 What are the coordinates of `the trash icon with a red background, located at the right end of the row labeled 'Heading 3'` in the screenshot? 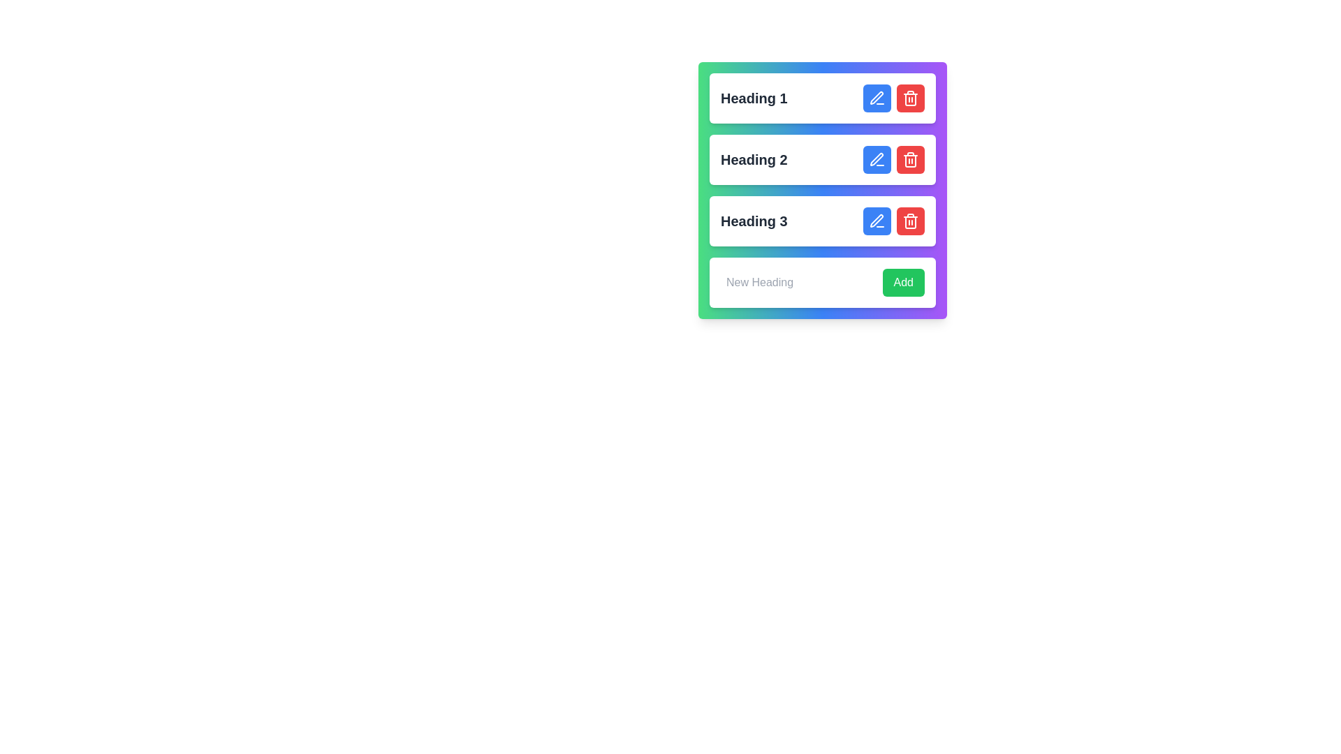 It's located at (911, 220).